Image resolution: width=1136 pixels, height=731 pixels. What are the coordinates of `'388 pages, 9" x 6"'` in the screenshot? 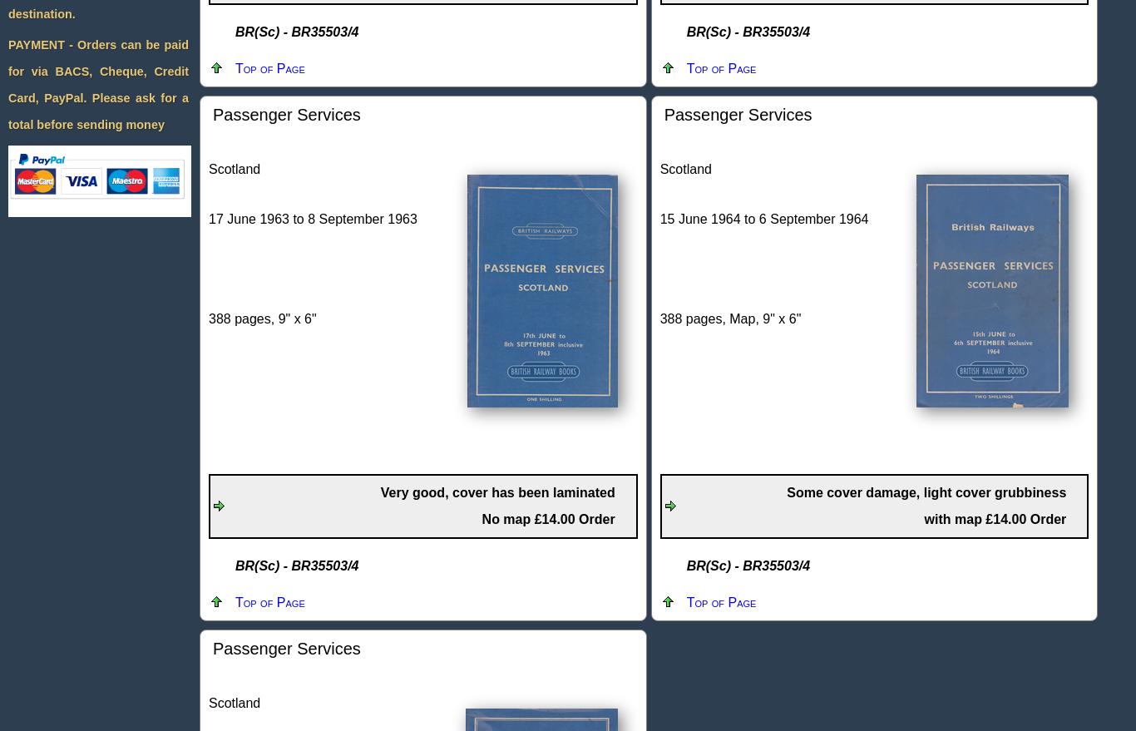 It's located at (262, 319).